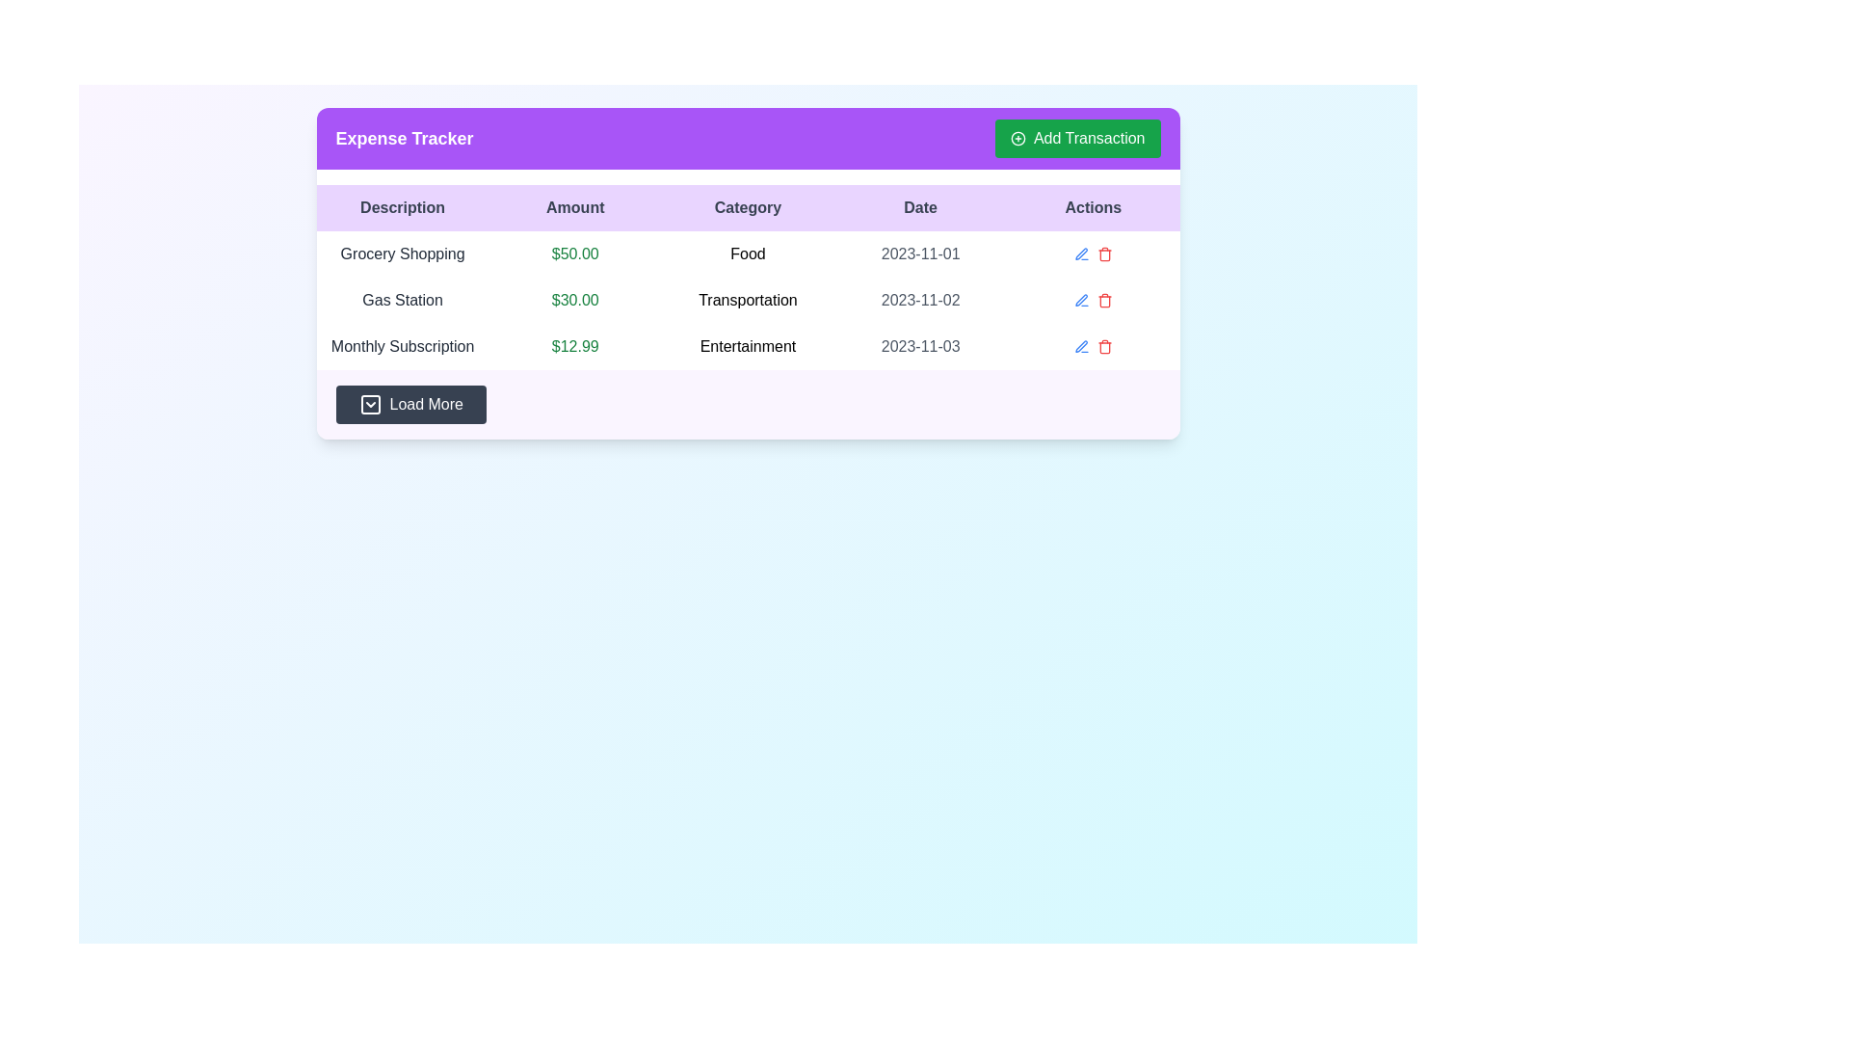 The width and height of the screenshot is (1850, 1041). I want to click on the central circular icon of the 'Add Transaction' button located at the top-right section of the interface, so click(1017, 137).